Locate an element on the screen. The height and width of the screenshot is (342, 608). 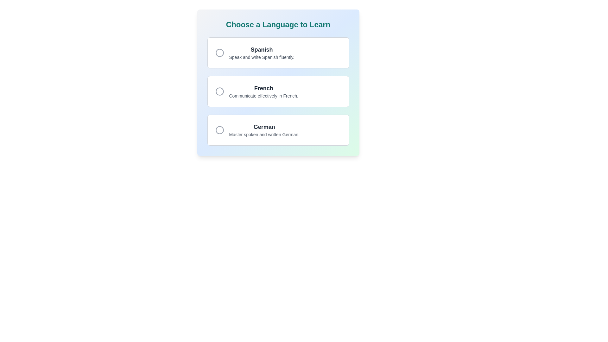
the content of the text display within the top card component titled 'Spanish', which represents the language option for learning Spanish is located at coordinates (262, 52).